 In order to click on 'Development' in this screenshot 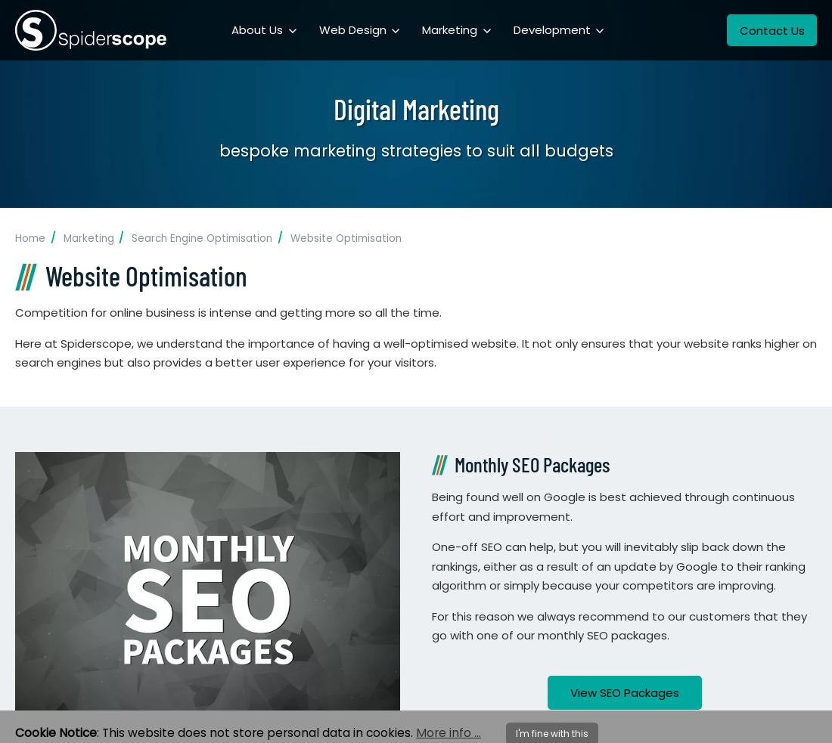, I will do `click(550, 29)`.